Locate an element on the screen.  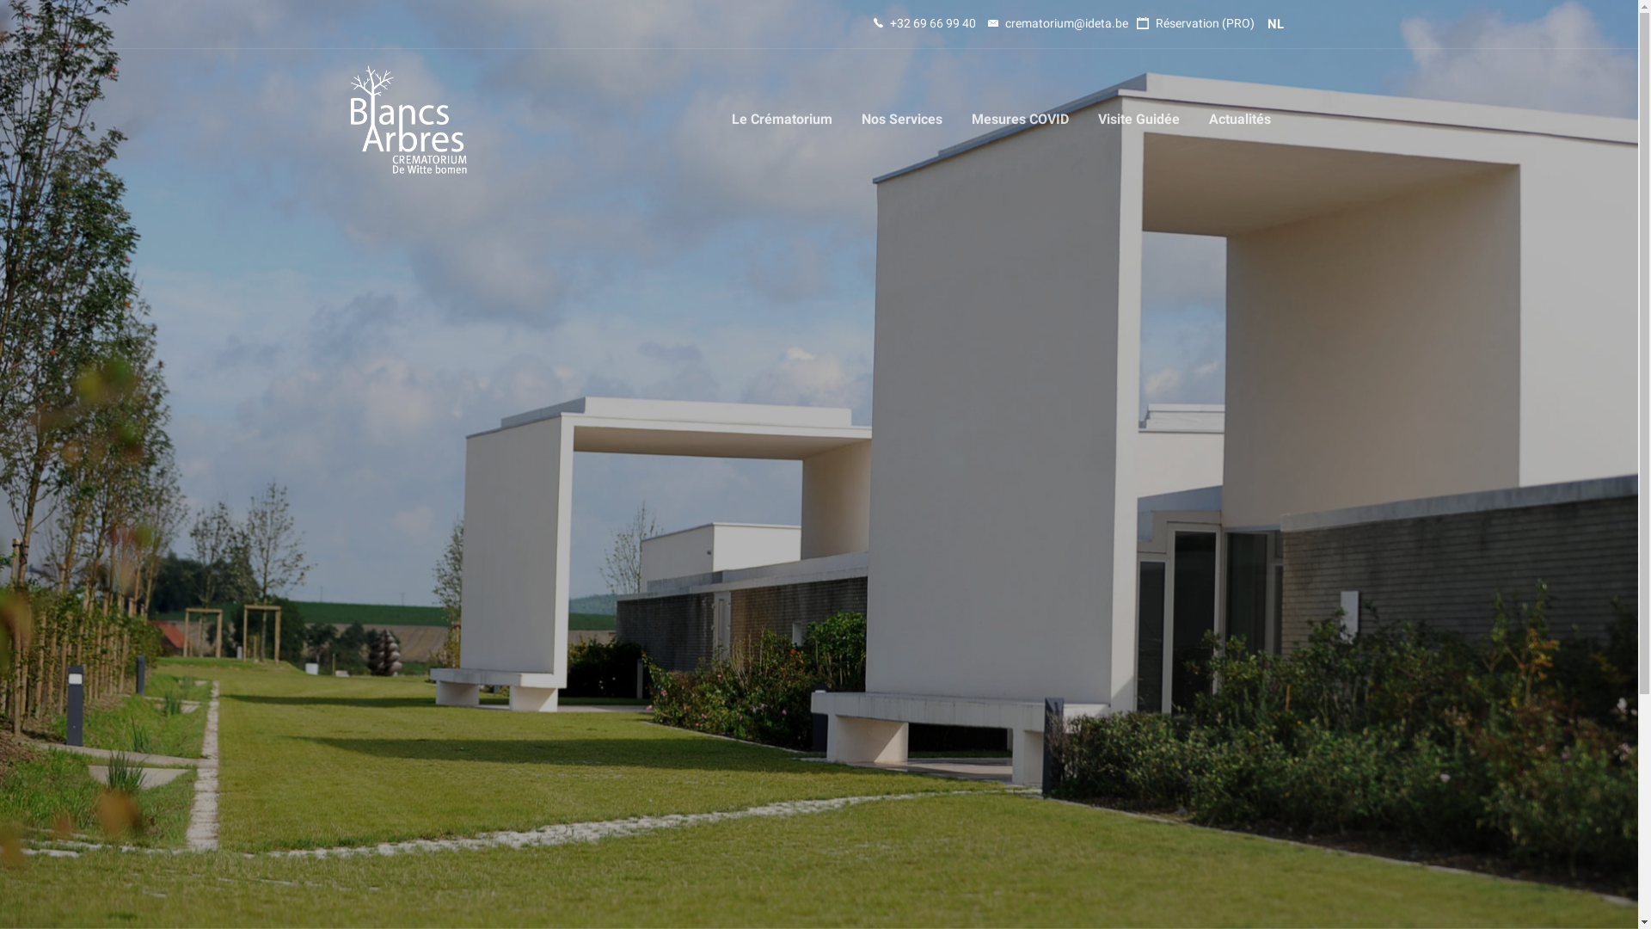
'Nous contacter' is located at coordinates (876, 686).